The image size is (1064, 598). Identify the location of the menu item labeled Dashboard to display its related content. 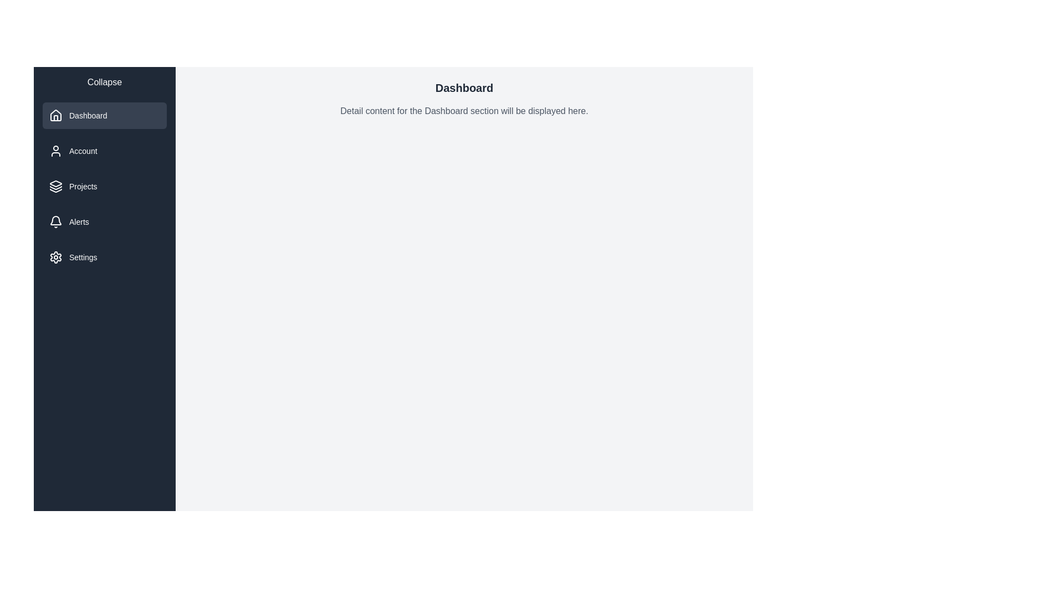
(104, 115).